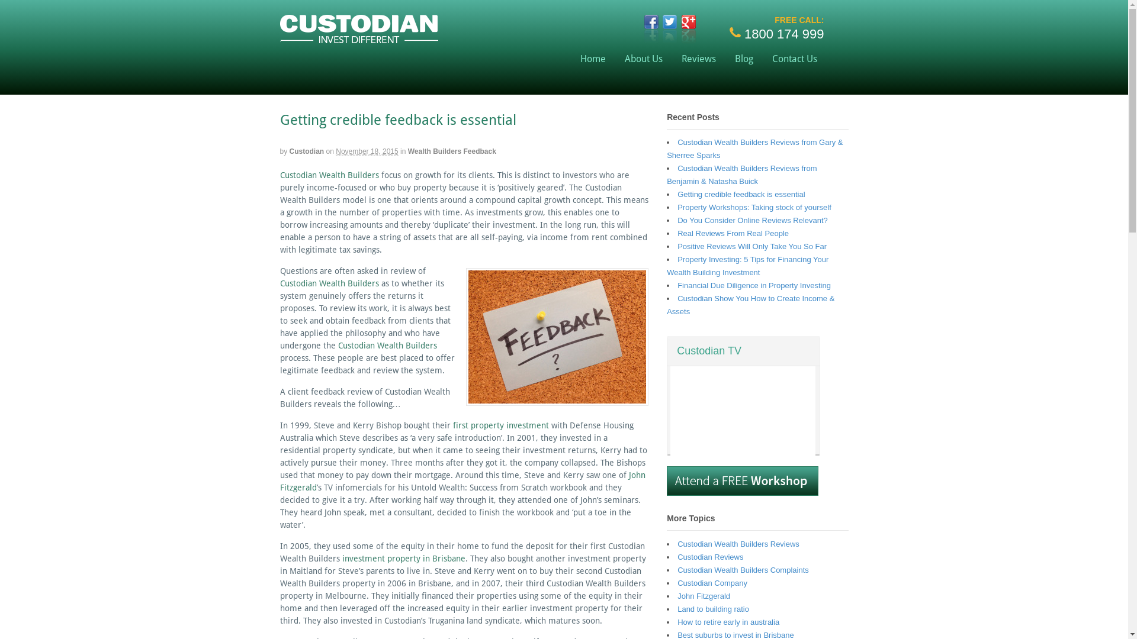 This screenshot has width=1137, height=639. Describe the element at coordinates (593, 59) in the screenshot. I see `'Home'` at that location.